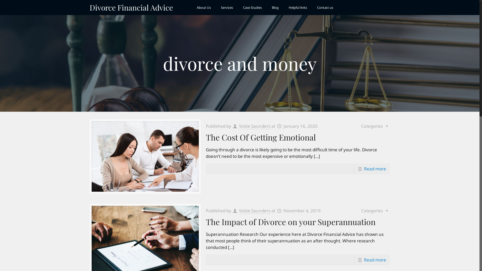 The height and width of the screenshot is (271, 482). Describe the element at coordinates (364, 260) in the screenshot. I see `'Read more'` at that location.